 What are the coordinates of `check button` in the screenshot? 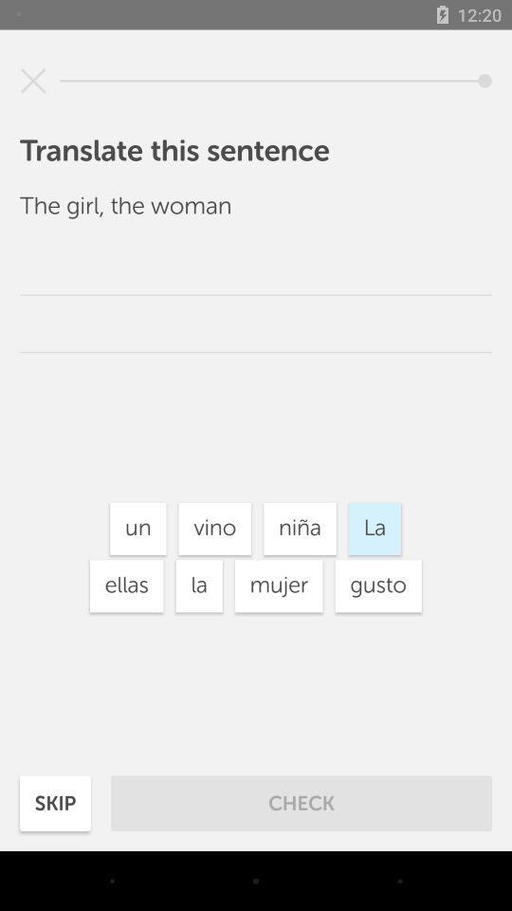 It's located at (302, 803).